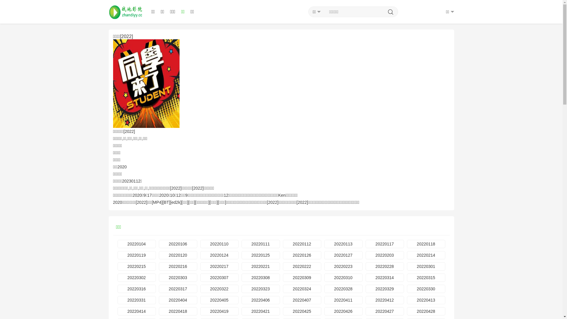 The width and height of the screenshot is (567, 319). What do you see at coordinates (219, 300) in the screenshot?
I see `'20220405'` at bounding box center [219, 300].